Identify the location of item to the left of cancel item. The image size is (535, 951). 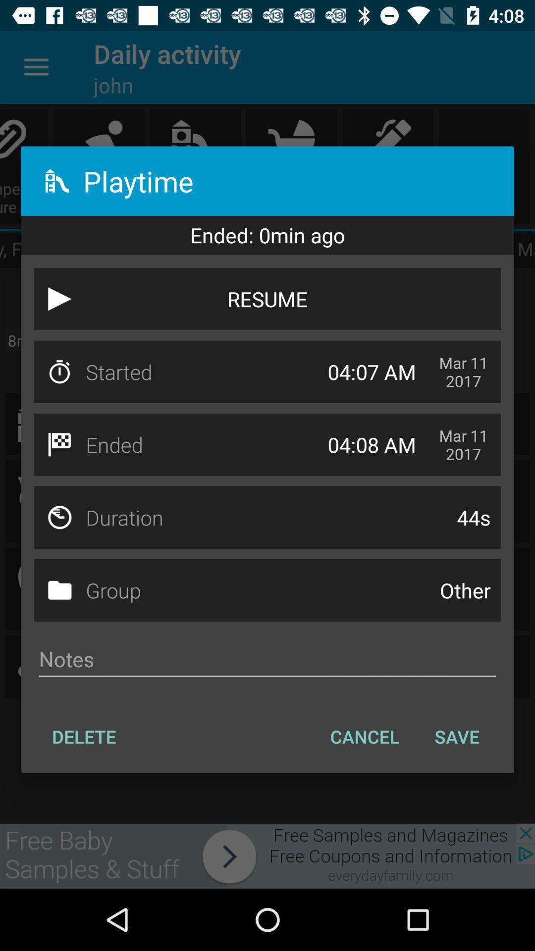
(83, 737).